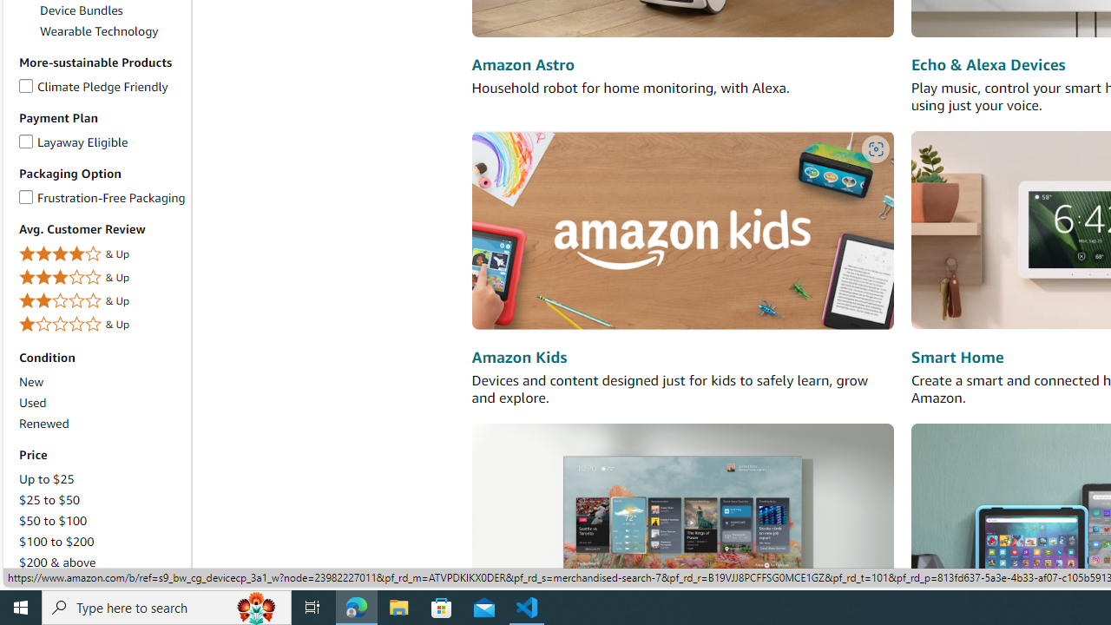 The height and width of the screenshot is (625, 1111). Describe the element at coordinates (43, 423) in the screenshot. I see `'Renewed'` at that location.